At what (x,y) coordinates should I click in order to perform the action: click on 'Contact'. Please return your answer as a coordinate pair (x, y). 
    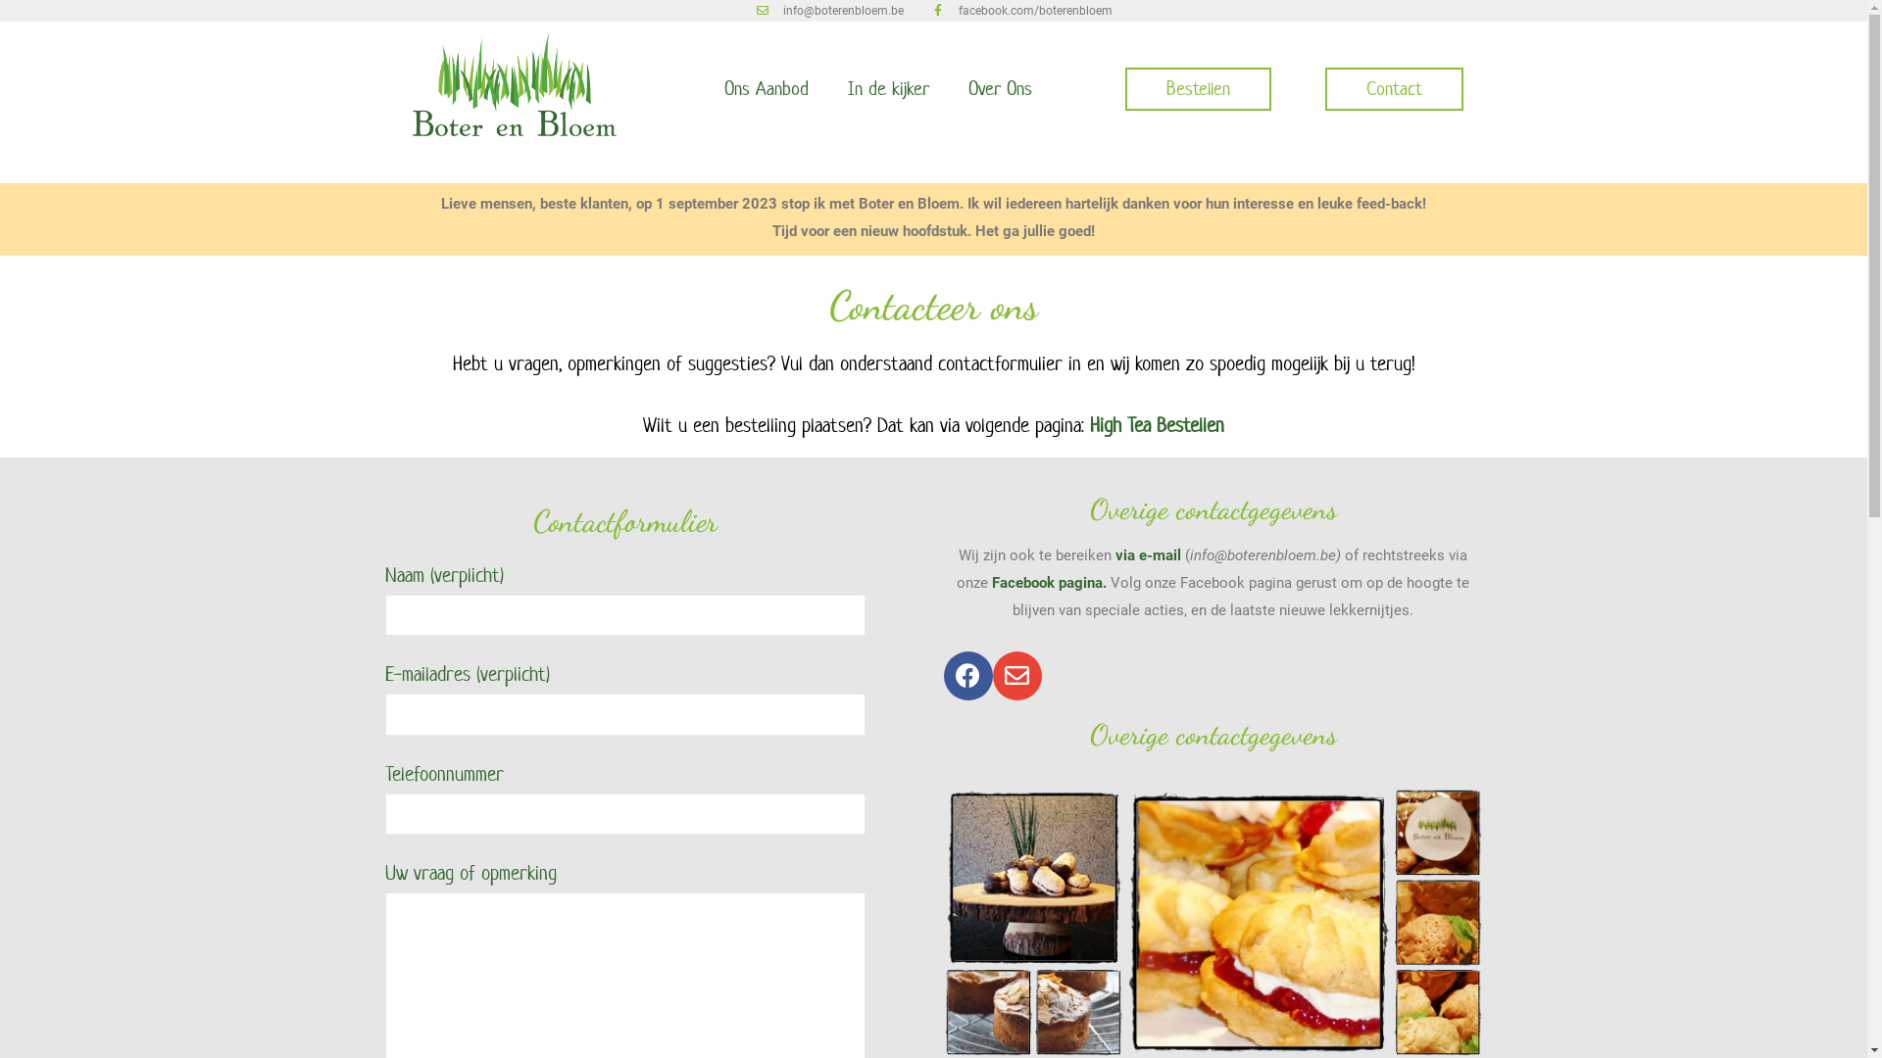
    Looking at the image, I should click on (1393, 89).